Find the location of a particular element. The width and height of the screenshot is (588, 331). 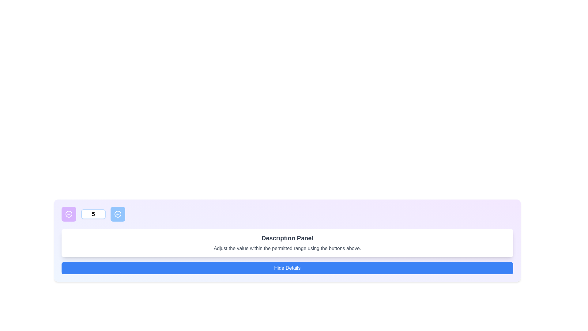

the toggle button at the bottom of the 'Description Panel' is located at coordinates (287, 268).